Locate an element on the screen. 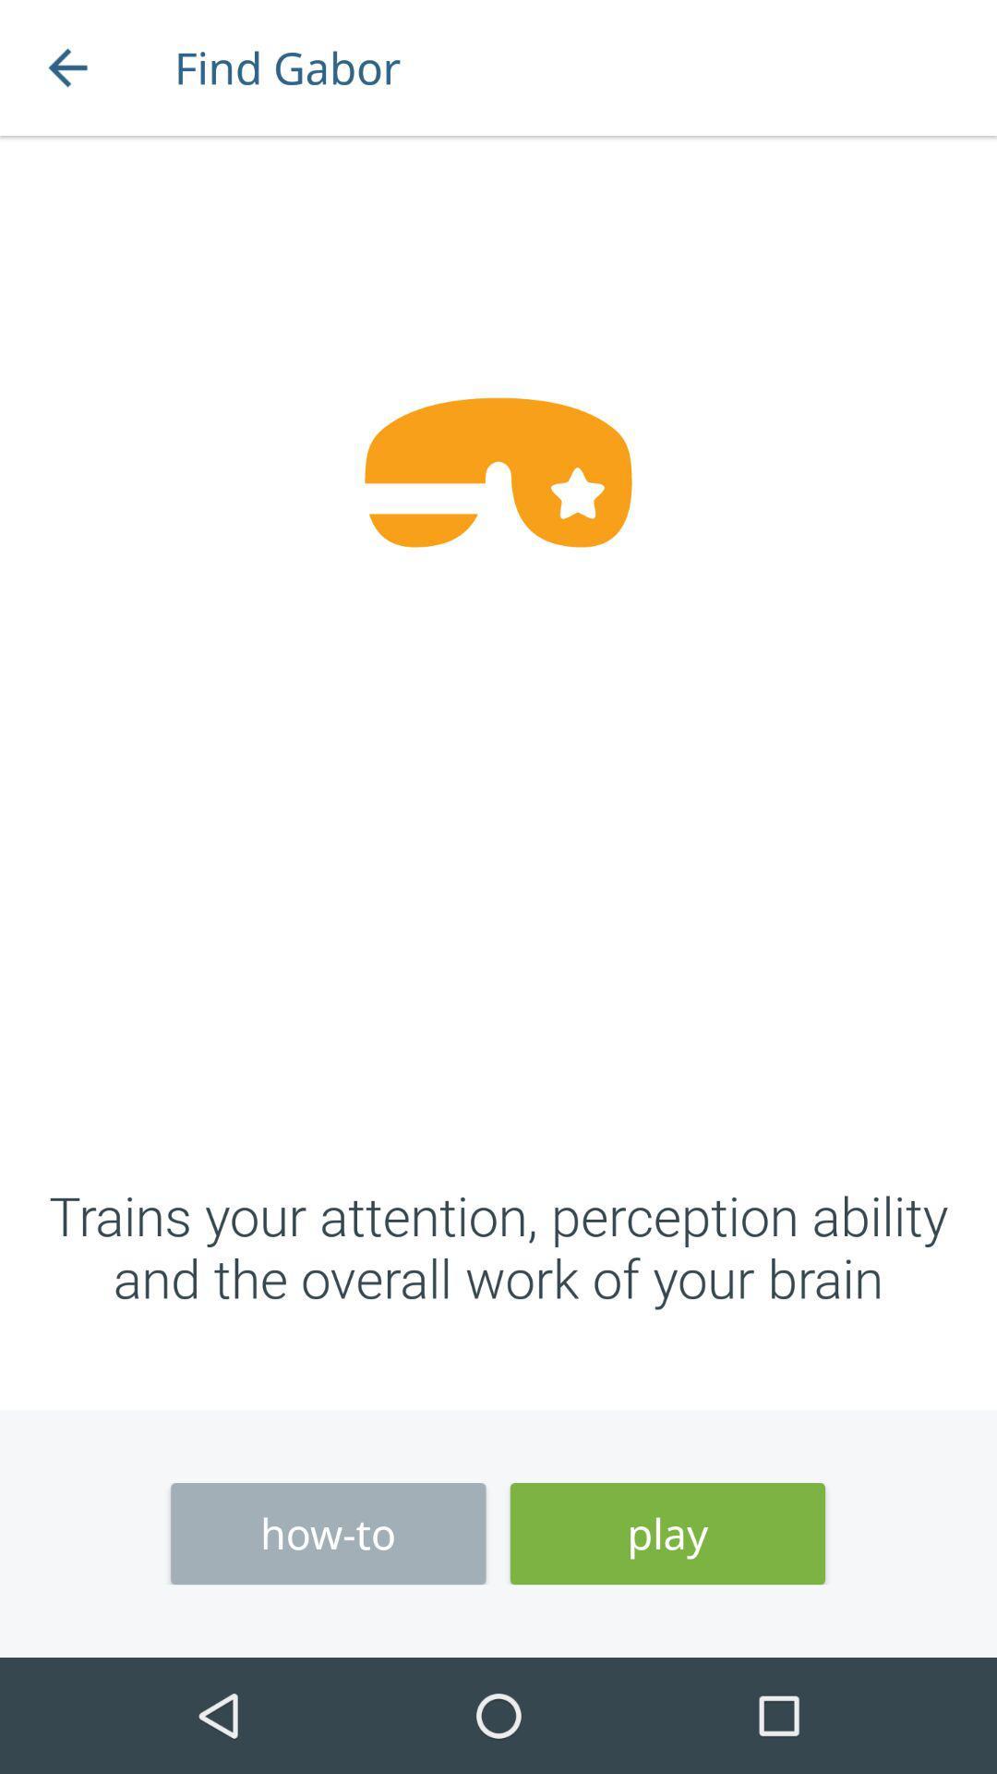 Image resolution: width=997 pixels, height=1774 pixels. icon at the bottom left corner is located at coordinates (327, 1534).